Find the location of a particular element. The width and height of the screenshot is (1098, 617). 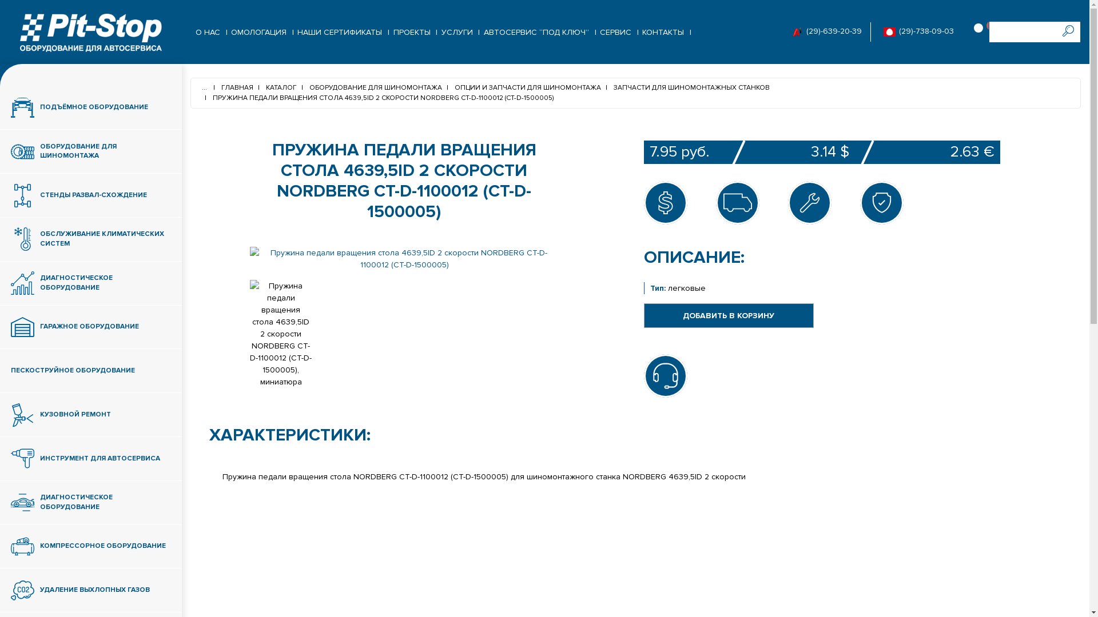

'(29)-639-20-39' is located at coordinates (833, 31).